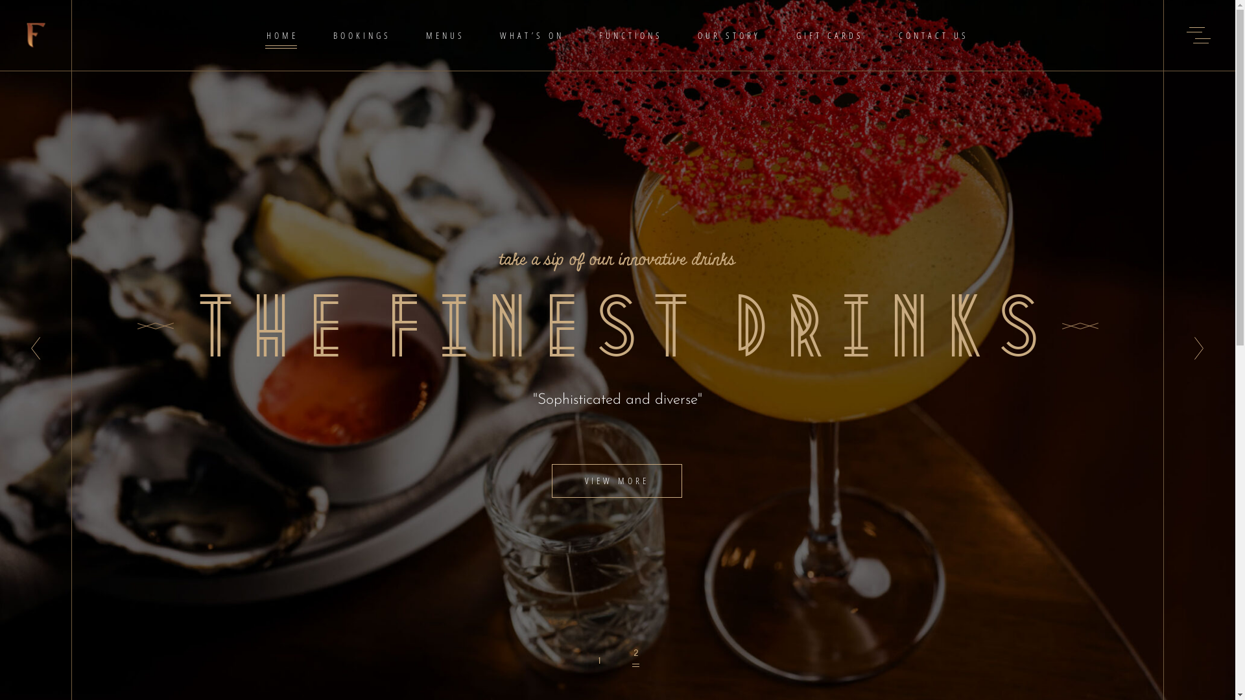  Describe the element at coordinates (362, 34) in the screenshot. I see `'BOOKINGS'` at that location.